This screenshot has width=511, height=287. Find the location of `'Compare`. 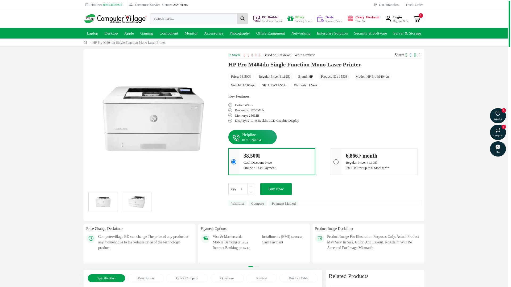

'Compare is located at coordinates (490, 132).